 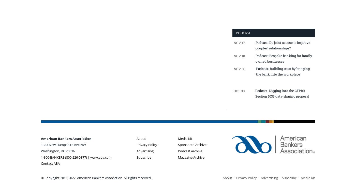 What do you see at coordinates (192, 144) in the screenshot?
I see `'Sponsored Archive'` at bounding box center [192, 144].